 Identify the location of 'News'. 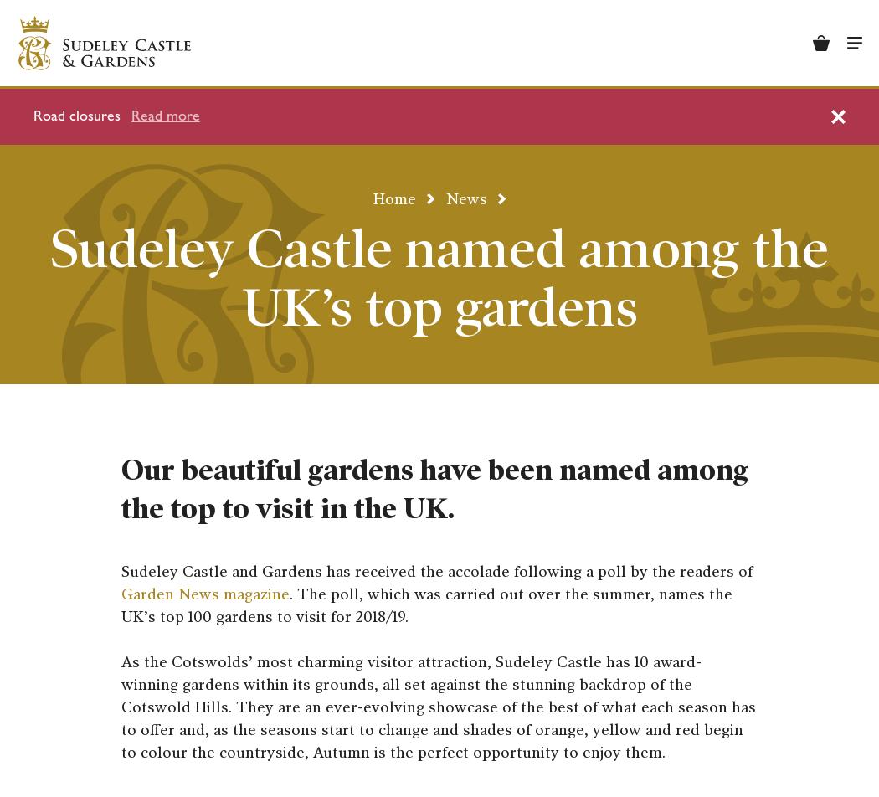
(466, 198).